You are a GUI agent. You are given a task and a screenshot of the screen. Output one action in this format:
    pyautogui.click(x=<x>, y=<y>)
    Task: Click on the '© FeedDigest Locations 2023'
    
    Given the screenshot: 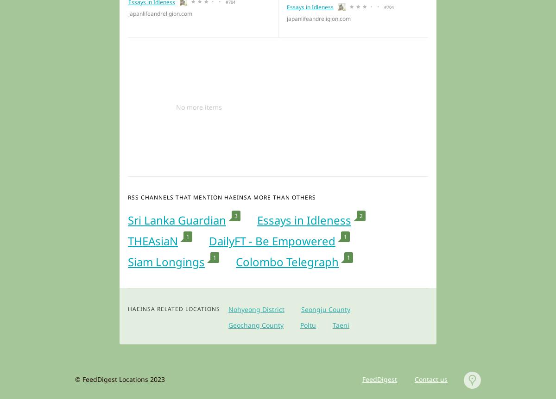 What is the action you would take?
    pyautogui.click(x=75, y=379)
    